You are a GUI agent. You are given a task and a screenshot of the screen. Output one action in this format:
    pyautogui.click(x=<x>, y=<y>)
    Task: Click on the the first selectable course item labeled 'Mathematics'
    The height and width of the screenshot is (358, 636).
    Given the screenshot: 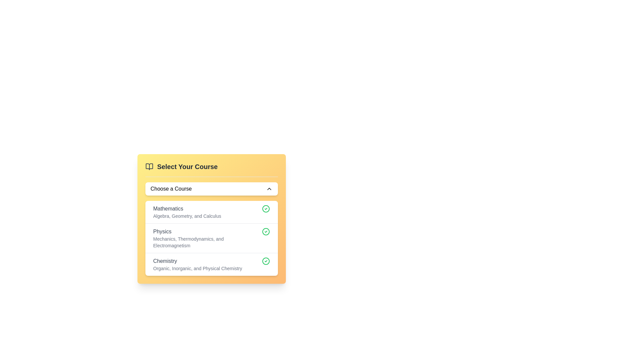 What is the action you would take?
    pyautogui.click(x=211, y=212)
    